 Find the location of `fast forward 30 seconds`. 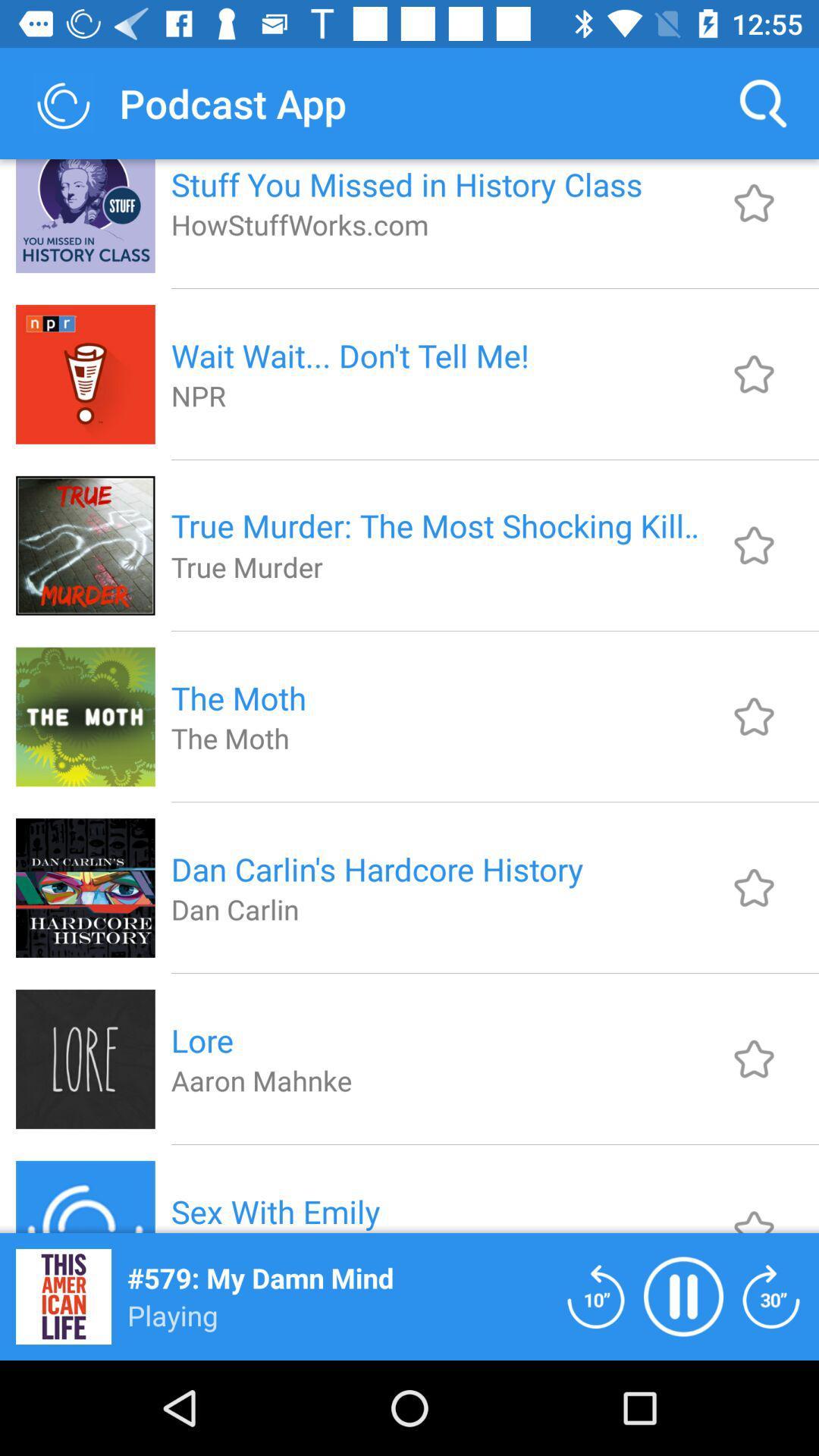

fast forward 30 seconds is located at coordinates (771, 1295).